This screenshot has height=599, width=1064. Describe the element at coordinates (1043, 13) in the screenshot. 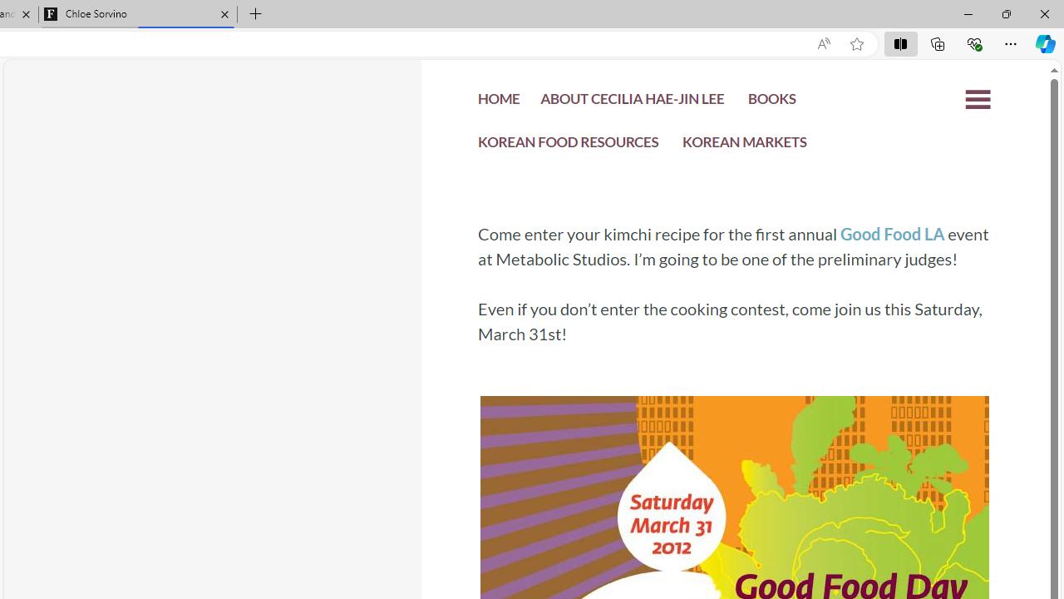

I see `'Close'` at that location.